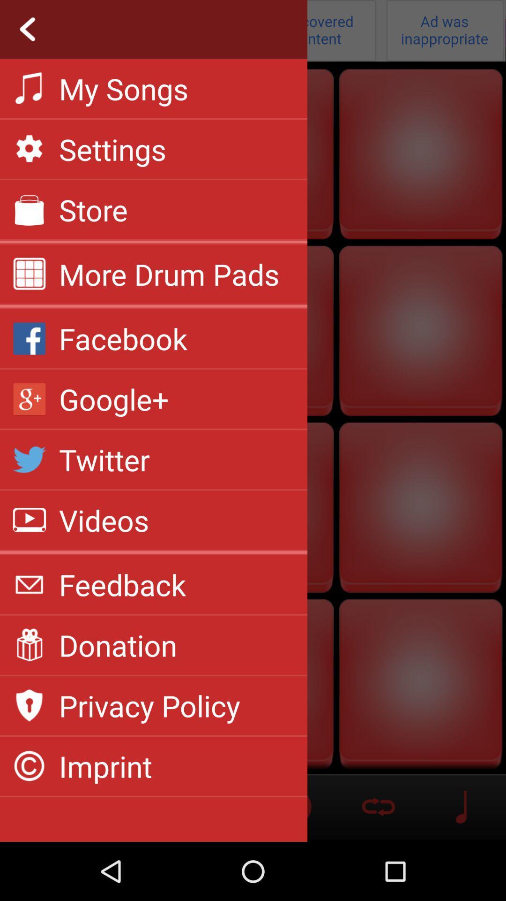 This screenshot has height=901, width=506. Describe the element at coordinates (149, 705) in the screenshot. I see `privacy policy` at that location.